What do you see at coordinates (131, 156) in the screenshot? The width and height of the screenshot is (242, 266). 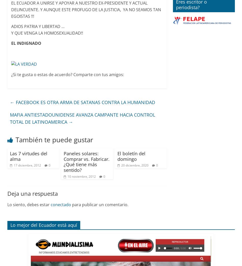 I see `'El boletín del domingo'` at bounding box center [131, 156].